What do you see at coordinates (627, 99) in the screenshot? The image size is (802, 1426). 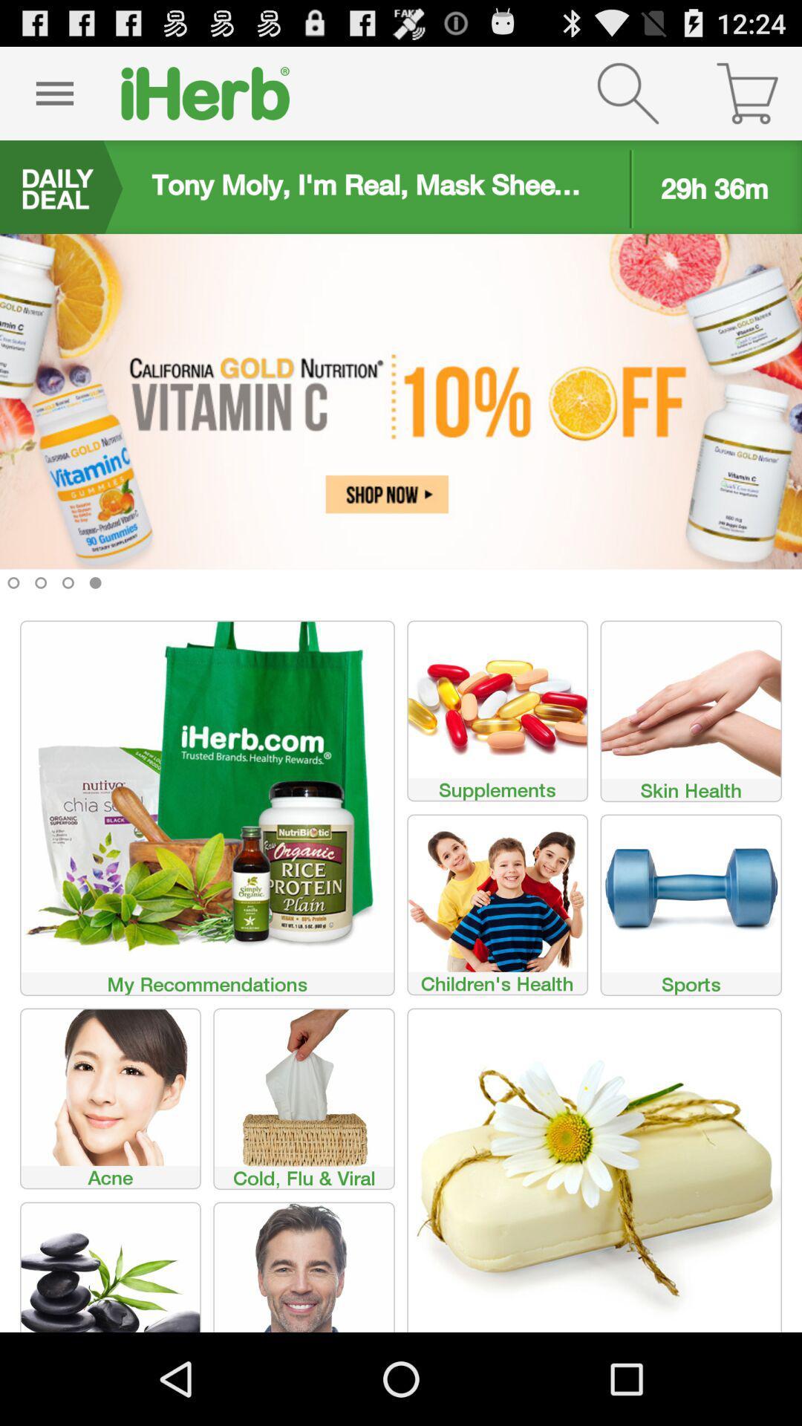 I see `the search icon` at bounding box center [627, 99].